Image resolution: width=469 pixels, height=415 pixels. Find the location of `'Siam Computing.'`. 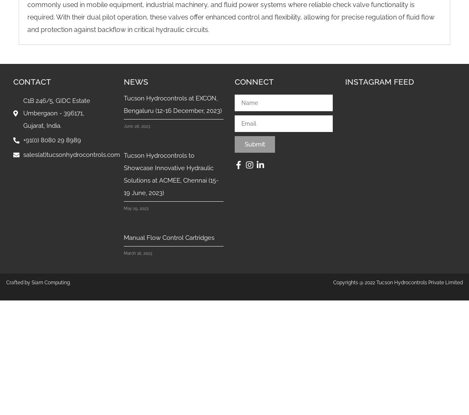

'Siam Computing.' is located at coordinates (51, 283).